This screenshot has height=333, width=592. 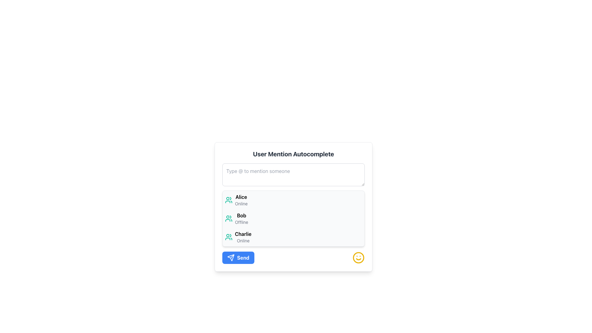 What do you see at coordinates (293, 154) in the screenshot?
I see `the Text (Header) element that serves as a title for the autocomplete system for user mentions` at bounding box center [293, 154].